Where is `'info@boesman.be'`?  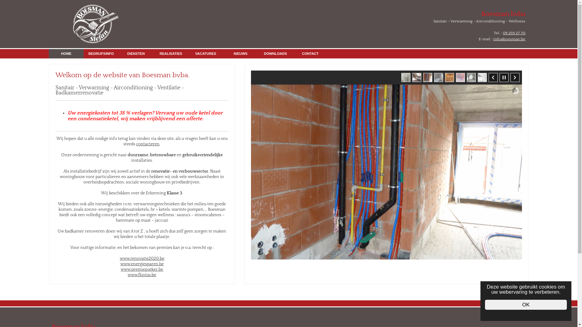
'info@boesman.be' is located at coordinates (509, 39).